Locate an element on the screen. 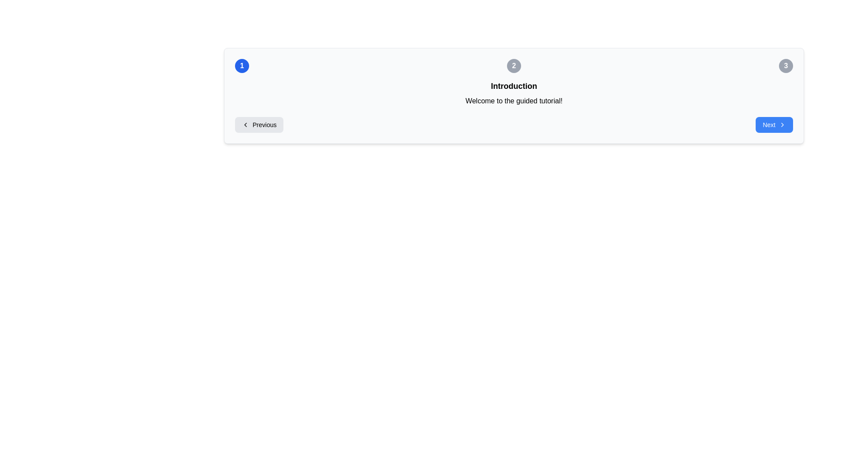  the appearance of the chevron-left icon located within the 'Previous' button at the bottom-left area of the dialog interface is located at coordinates (245, 125).